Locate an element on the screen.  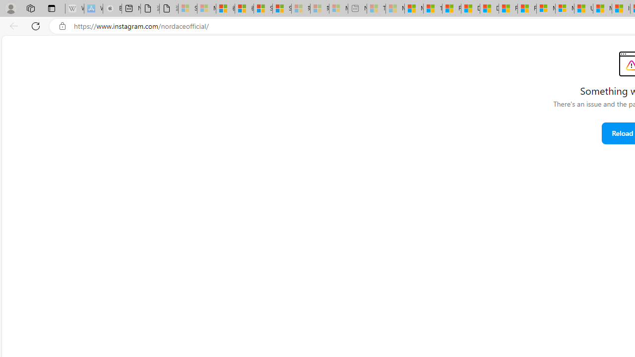
'Top Stories - MSN - Sleeping' is located at coordinates (376, 8).